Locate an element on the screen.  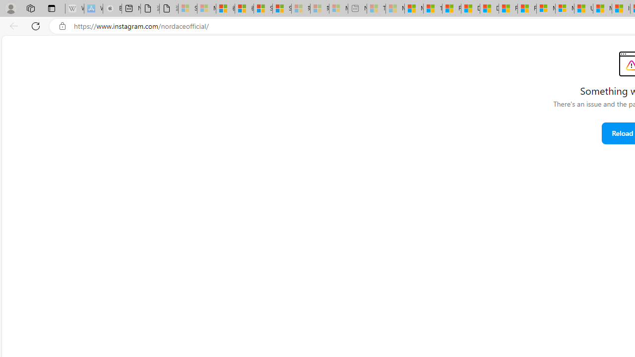
'Top Stories - MSN - Sleeping' is located at coordinates (376, 8).